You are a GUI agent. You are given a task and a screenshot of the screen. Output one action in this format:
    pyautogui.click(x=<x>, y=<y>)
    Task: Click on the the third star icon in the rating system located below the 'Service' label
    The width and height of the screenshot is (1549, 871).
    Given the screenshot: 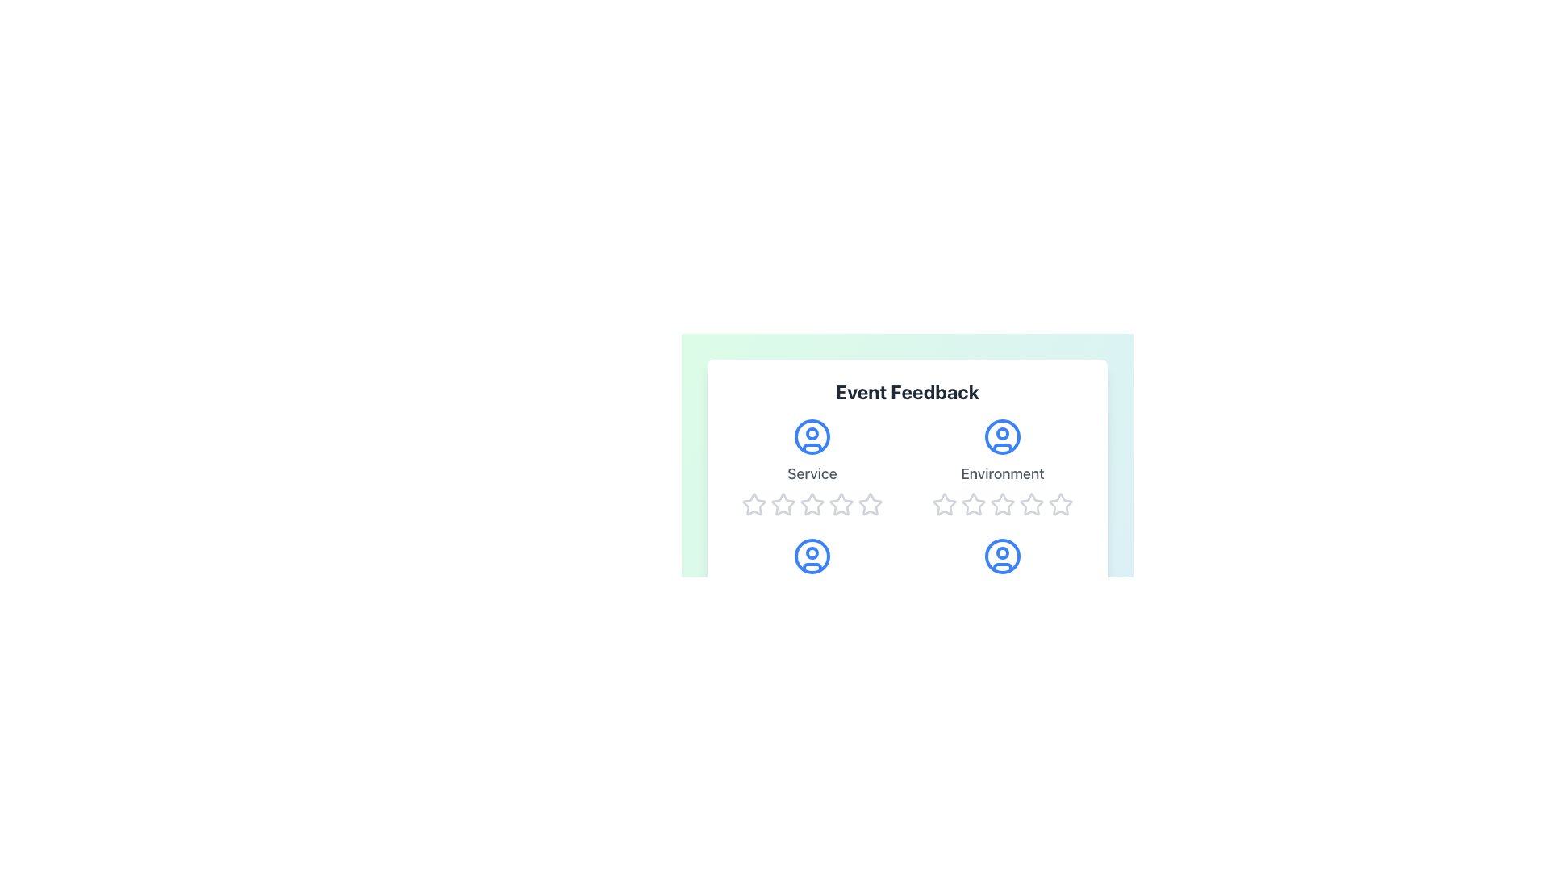 What is the action you would take?
    pyautogui.click(x=840, y=503)
    